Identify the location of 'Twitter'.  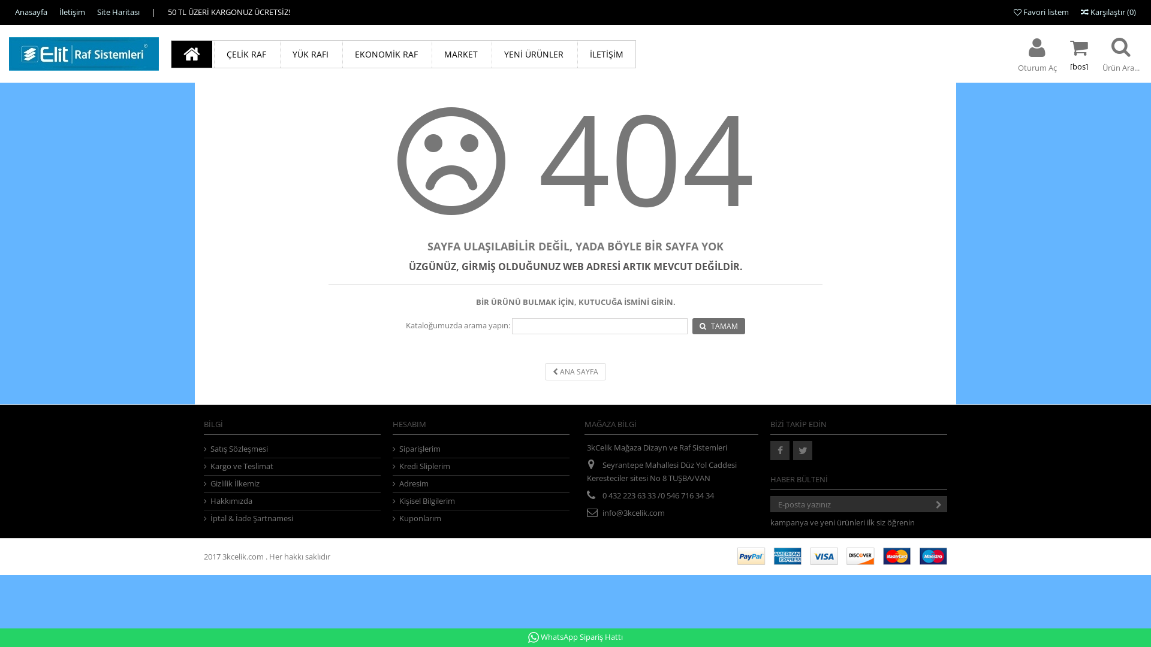
(803, 451).